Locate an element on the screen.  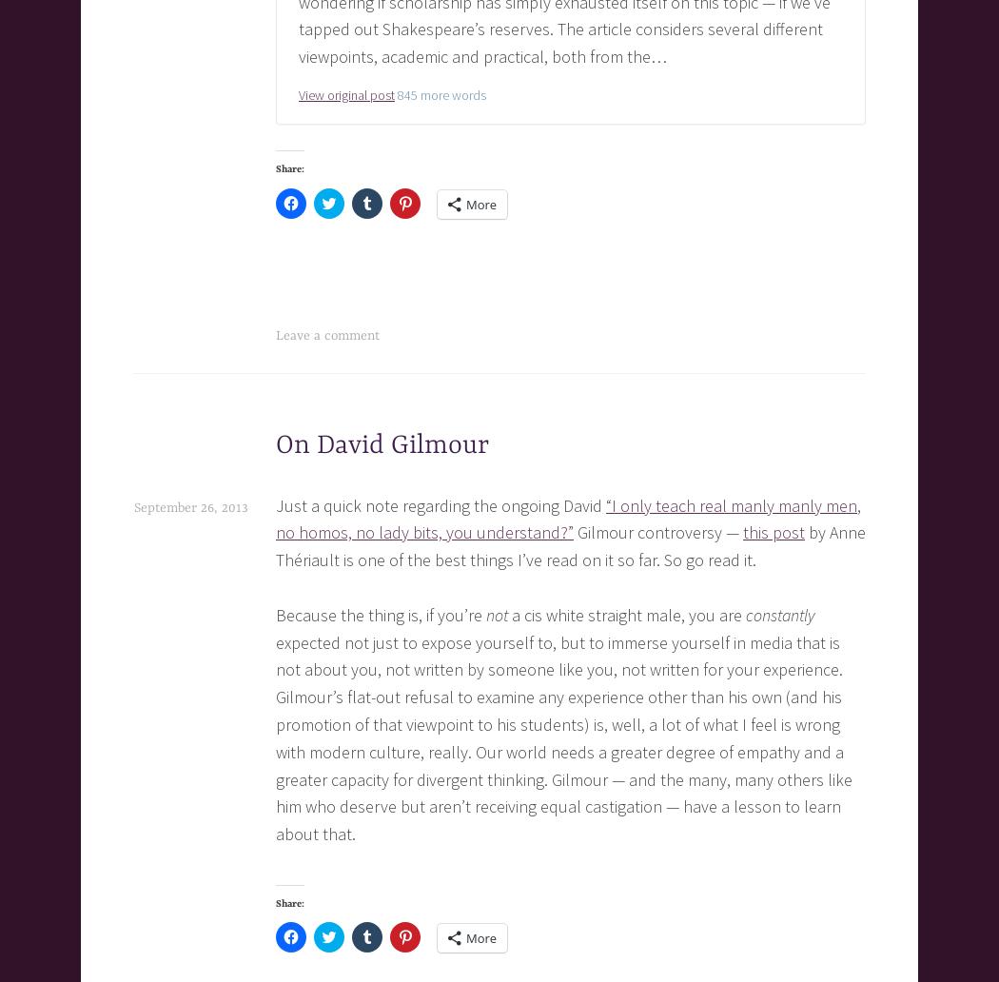
'Gilmour controversy —' is located at coordinates (574, 532).